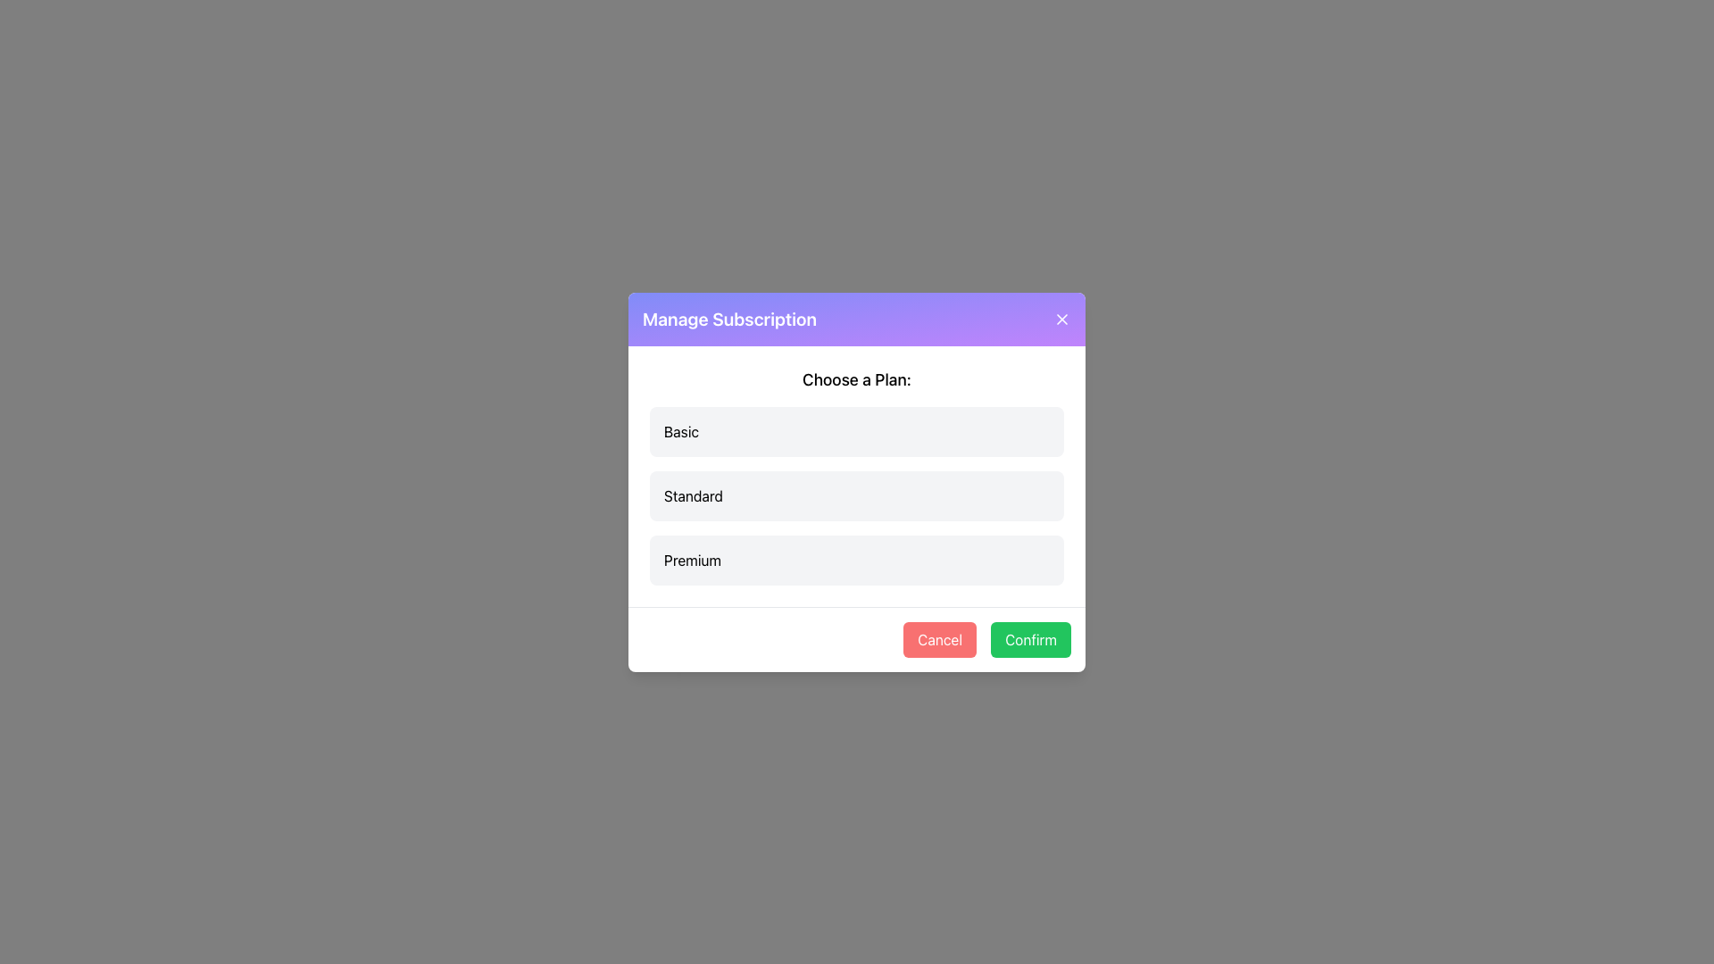 Image resolution: width=1714 pixels, height=964 pixels. Describe the element at coordinates (1031, 638) in the screenshot. I see `the 'Confirm' button, a green rectangular button with rounded corners and white text` at that location.